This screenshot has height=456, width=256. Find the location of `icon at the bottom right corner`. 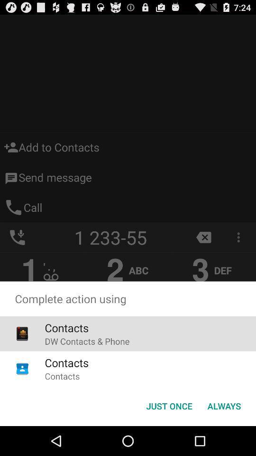

icon at the bottom right corner is located at coordinates (224, 405).